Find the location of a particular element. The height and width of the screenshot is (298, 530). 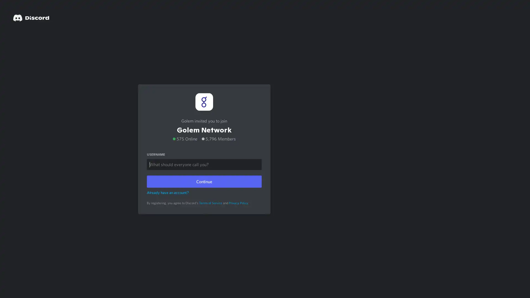

Already have an account? is located at coordinates (168, 192).